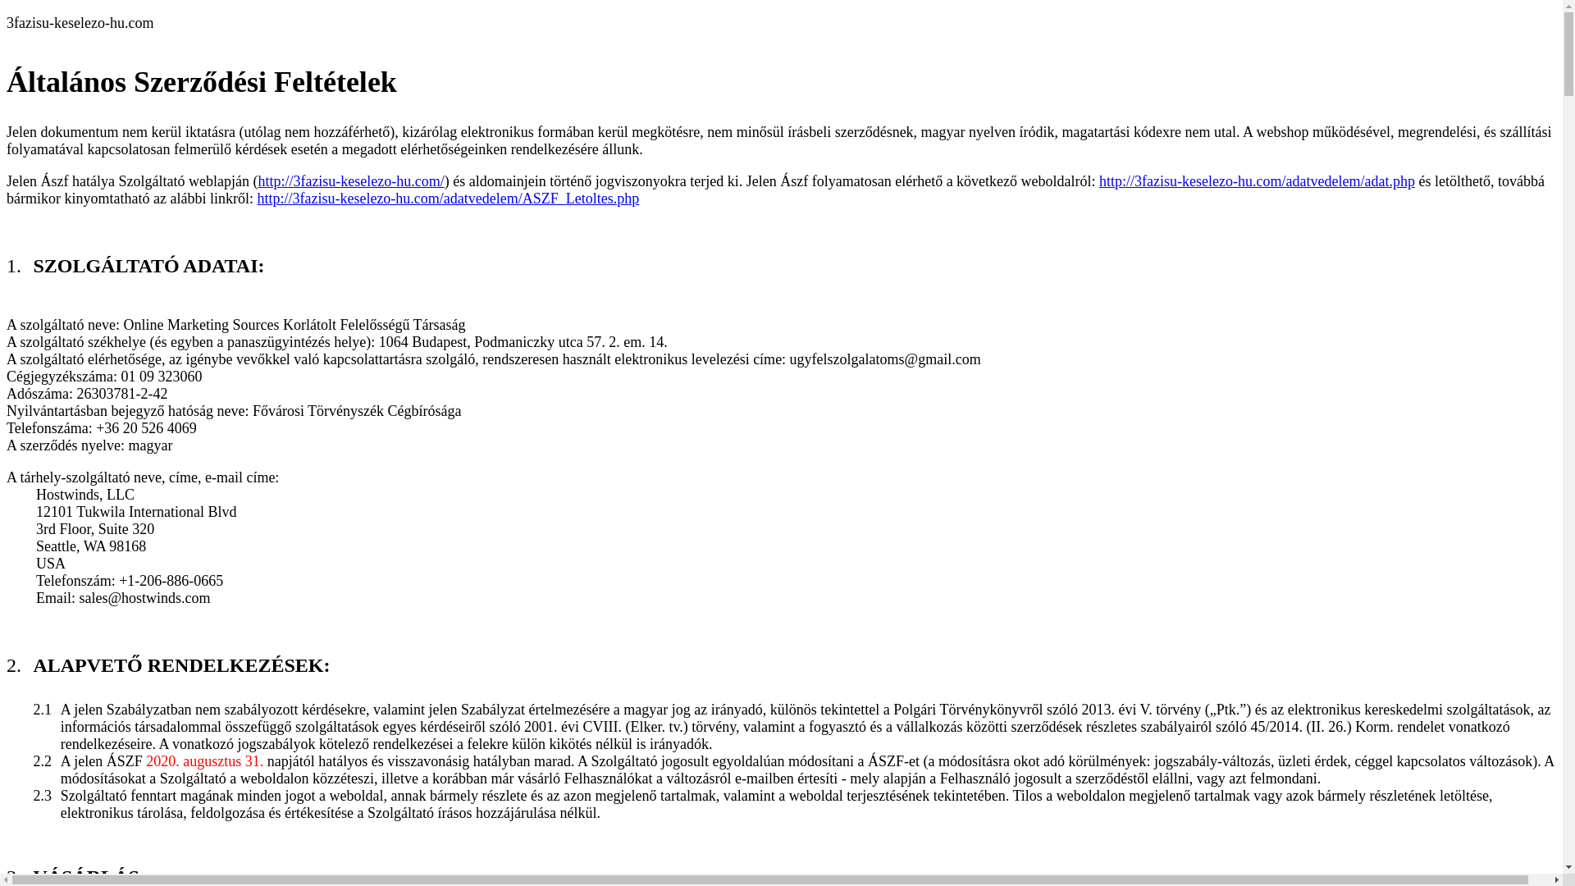 The image size is (1575, 886). Describe the element at coordinates (349, 180) in the screenshot. I see `'http://3fazisu-keselezo-hu.com/'` at that location.